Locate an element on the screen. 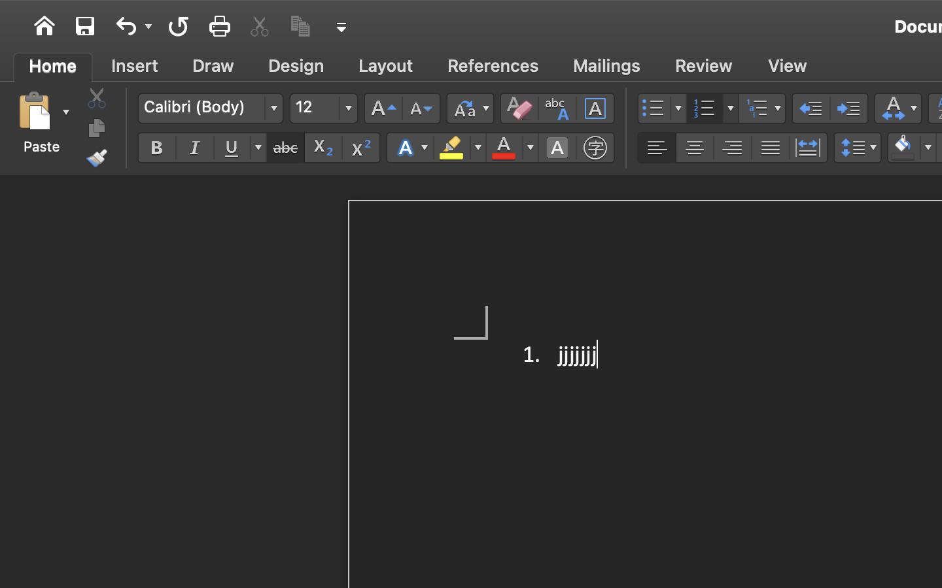  'Calibri (Body)' is located at coordinates (210, 108).